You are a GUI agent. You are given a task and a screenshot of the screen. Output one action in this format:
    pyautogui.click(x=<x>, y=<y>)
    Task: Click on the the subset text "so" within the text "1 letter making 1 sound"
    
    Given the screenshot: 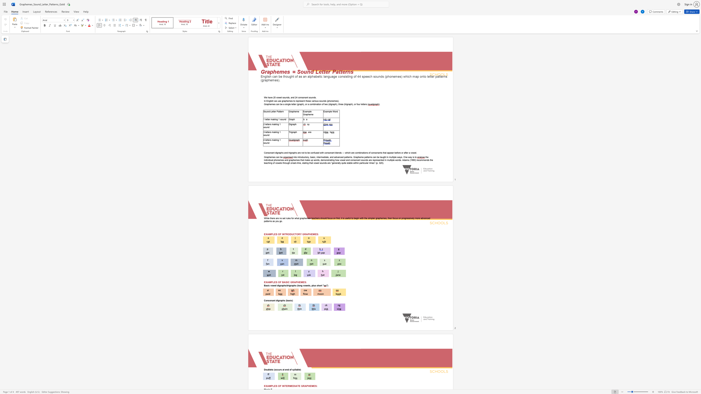 What is the action you would take?
    pyautogui.click(x=280, y=119)
    